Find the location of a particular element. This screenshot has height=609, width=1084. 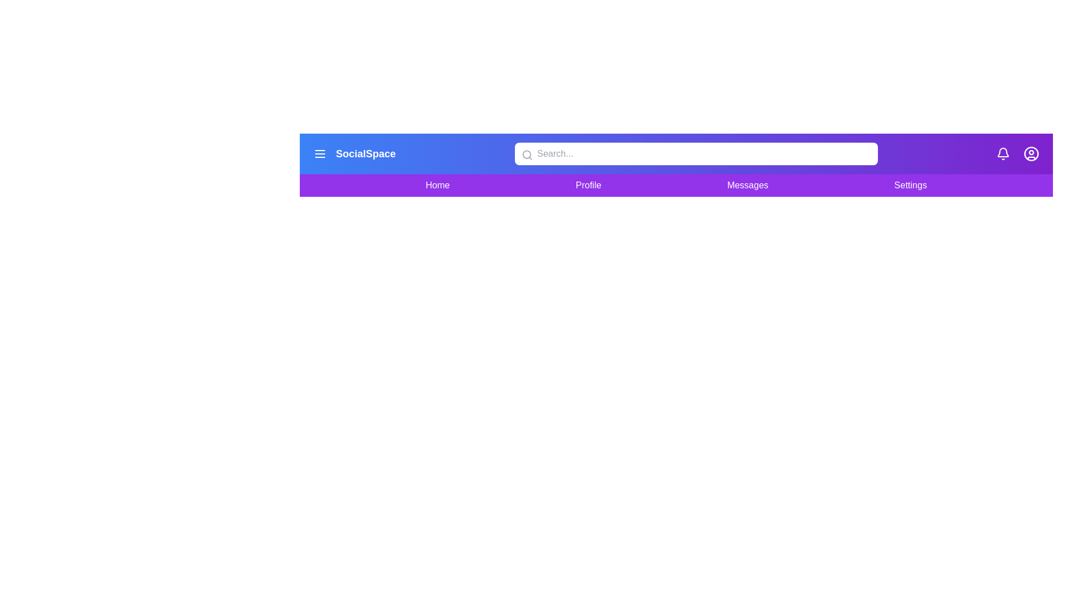

the Home navigation link in the SocialMediaNavBar is located at coordinates (437, 184).